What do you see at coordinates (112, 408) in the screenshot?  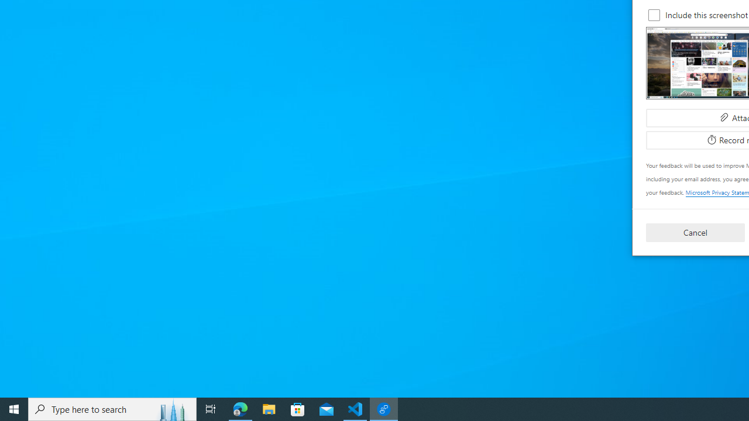 I see `'Type here to search'` at bounding box center [112, 408].